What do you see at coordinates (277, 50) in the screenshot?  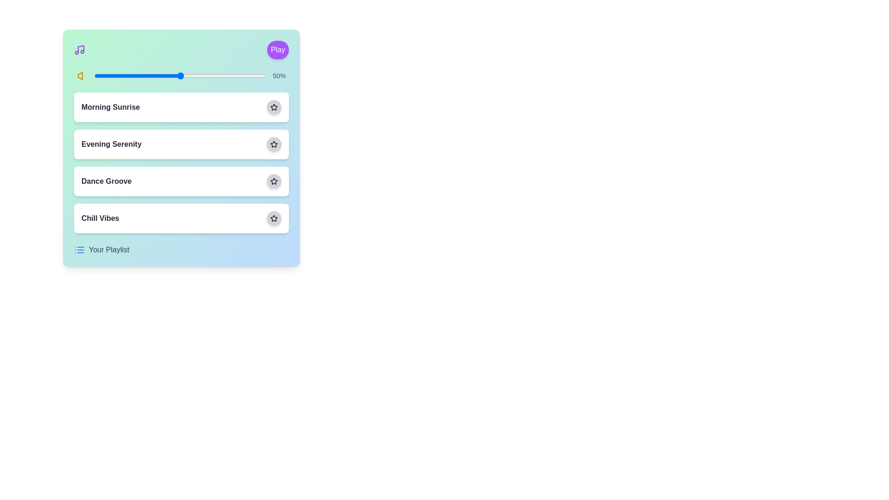 I see `the prominent purple circular button labeled 'Play'` at bounding box center [277, 50].